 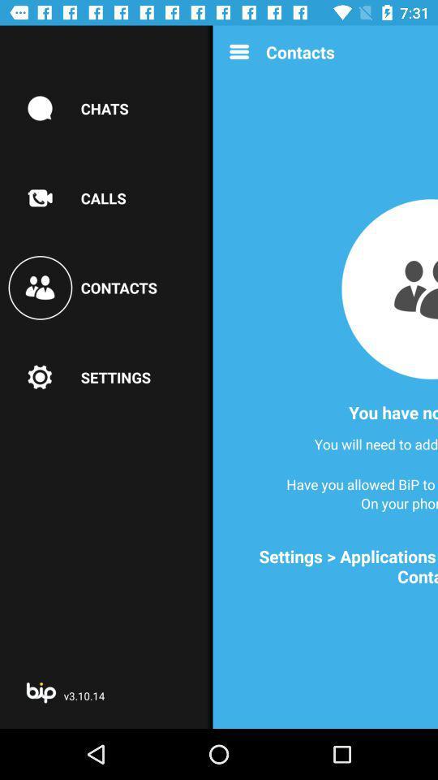 I want to click on the item below on your phone icon, so click(x=329, y=566).